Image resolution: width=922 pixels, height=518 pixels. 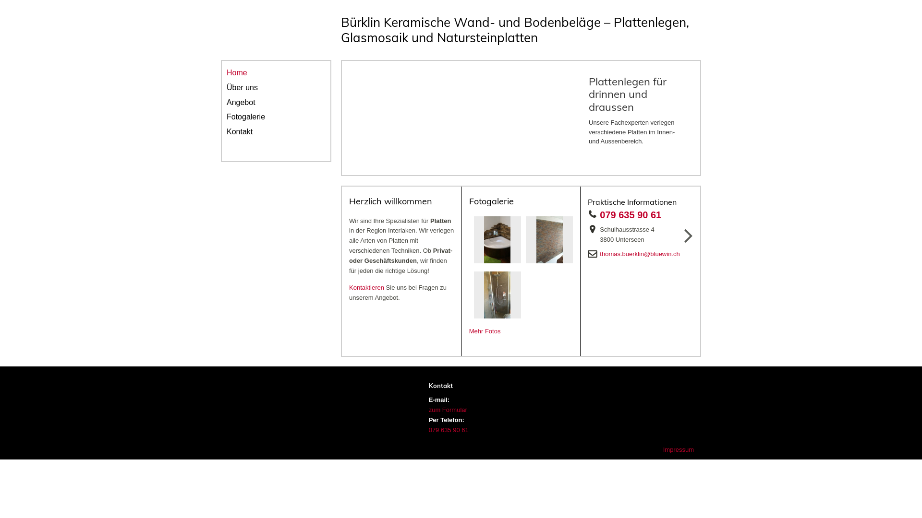 I want to click on 'thomas.buerklin@bluewin.ch', so click(x=643, y=254).